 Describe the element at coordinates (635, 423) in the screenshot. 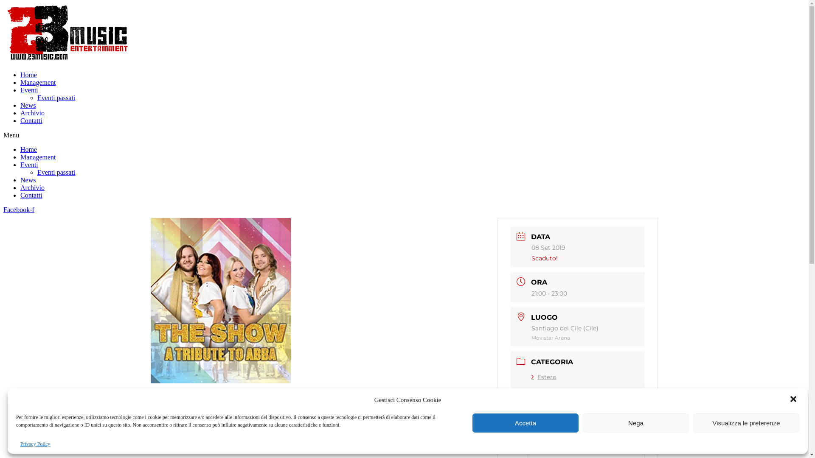

I see `'Nega'` at that location.